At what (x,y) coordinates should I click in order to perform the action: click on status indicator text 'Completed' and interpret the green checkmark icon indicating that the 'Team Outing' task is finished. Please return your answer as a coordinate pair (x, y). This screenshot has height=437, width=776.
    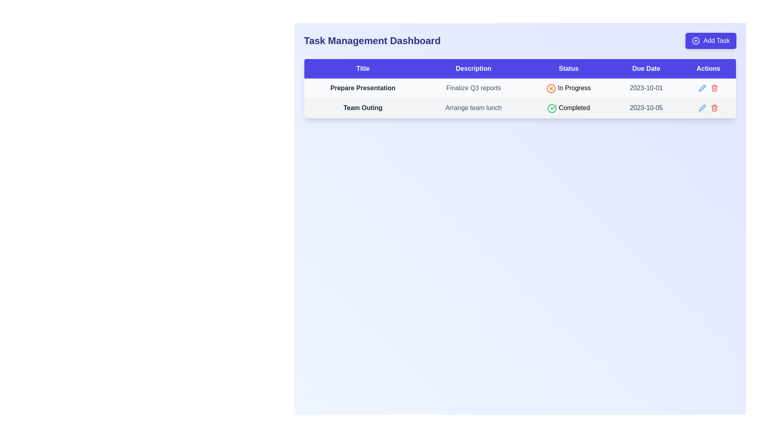
    Looking at the image, I should click on (568, 108).